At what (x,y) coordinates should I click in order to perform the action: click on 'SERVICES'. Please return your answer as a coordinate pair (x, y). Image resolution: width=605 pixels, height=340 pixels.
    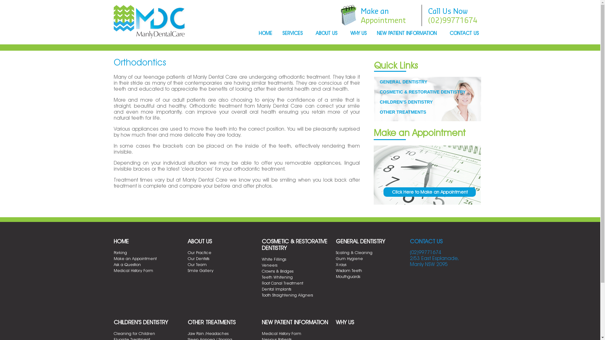
    Looking at the image, I should click on (293, 34).